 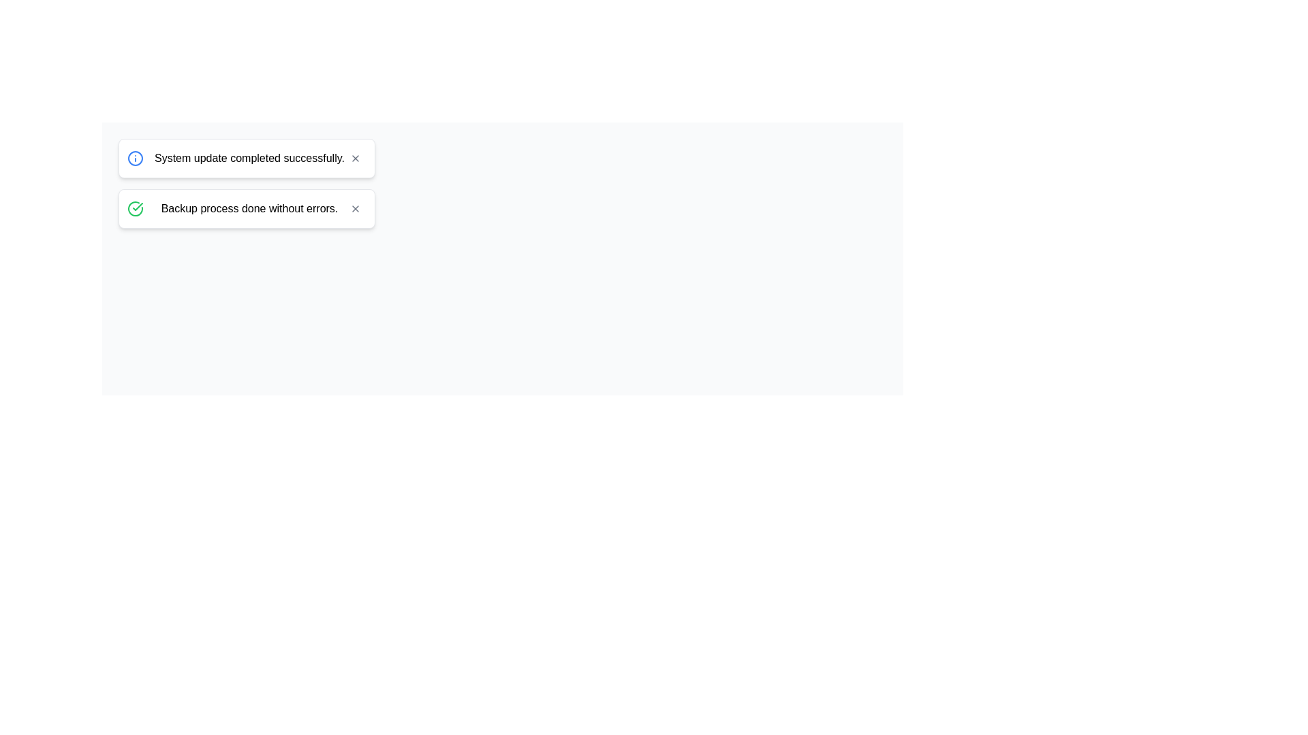 What do you see at coordinates (249, 157) in the screenshot?
I see `the Text label that conveys a status update message about the successful completion of a system update` at bounding box center [249, 157].